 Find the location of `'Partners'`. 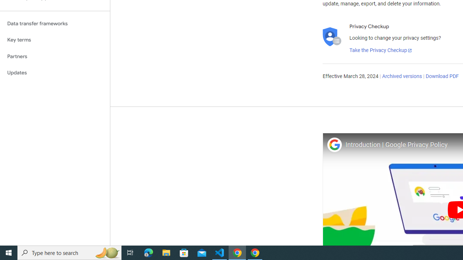

'Partners' is located at coordinates (55, 56).